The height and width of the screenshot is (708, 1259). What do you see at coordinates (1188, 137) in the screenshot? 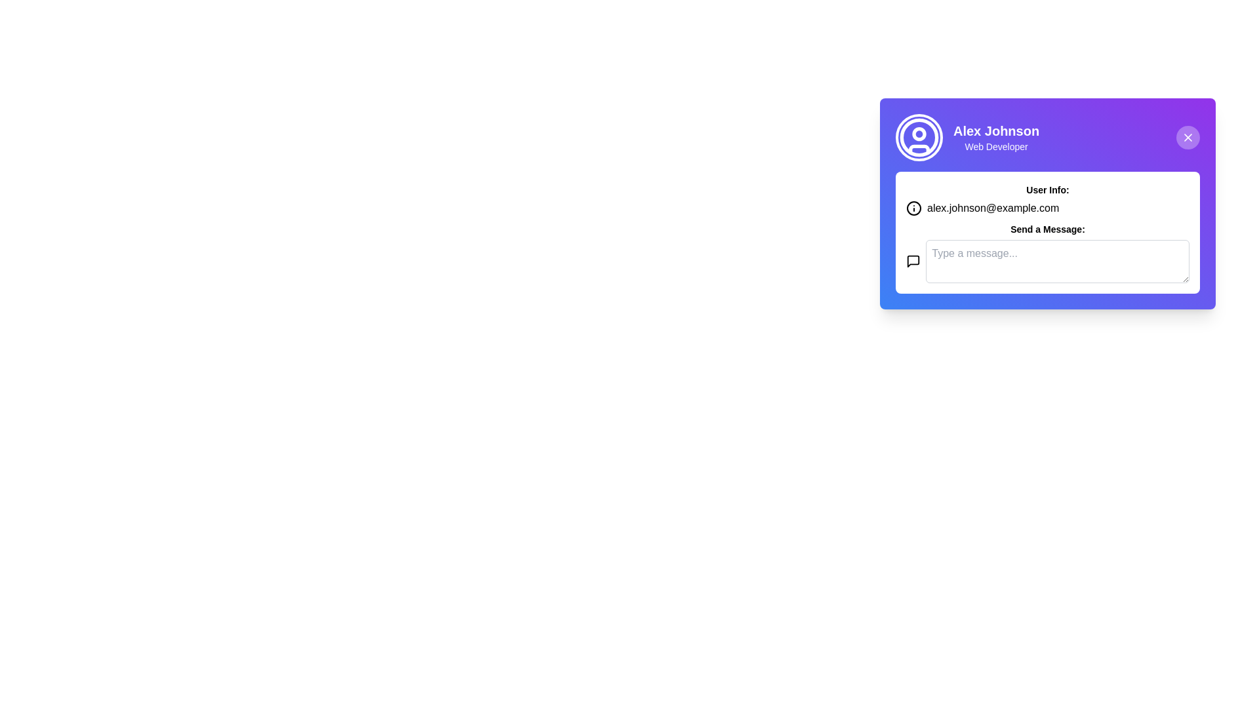
I see `the Close Button (X-shaped icon) located in the top-right corner of the profile details card, which is styled as a circular button with a white background` at bounding box center [1188, 137].